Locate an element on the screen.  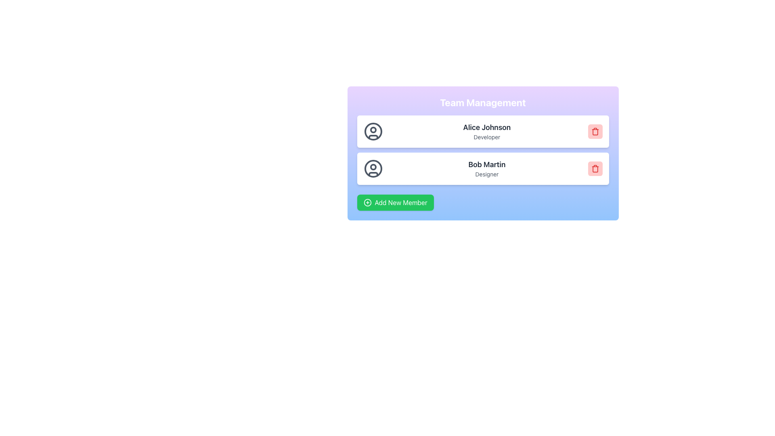
the circular plus icon located to the left of the 'Add New Member' text within the green button at the bottom of the section is located at coordinates (367, 202).